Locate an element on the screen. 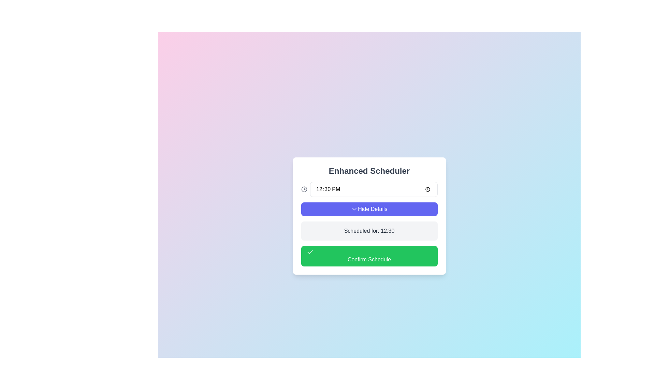  the 'Hide Details' button by clicking on the chevron down icon, which serves as a toggle indicator is located at coordinates (354, 209).